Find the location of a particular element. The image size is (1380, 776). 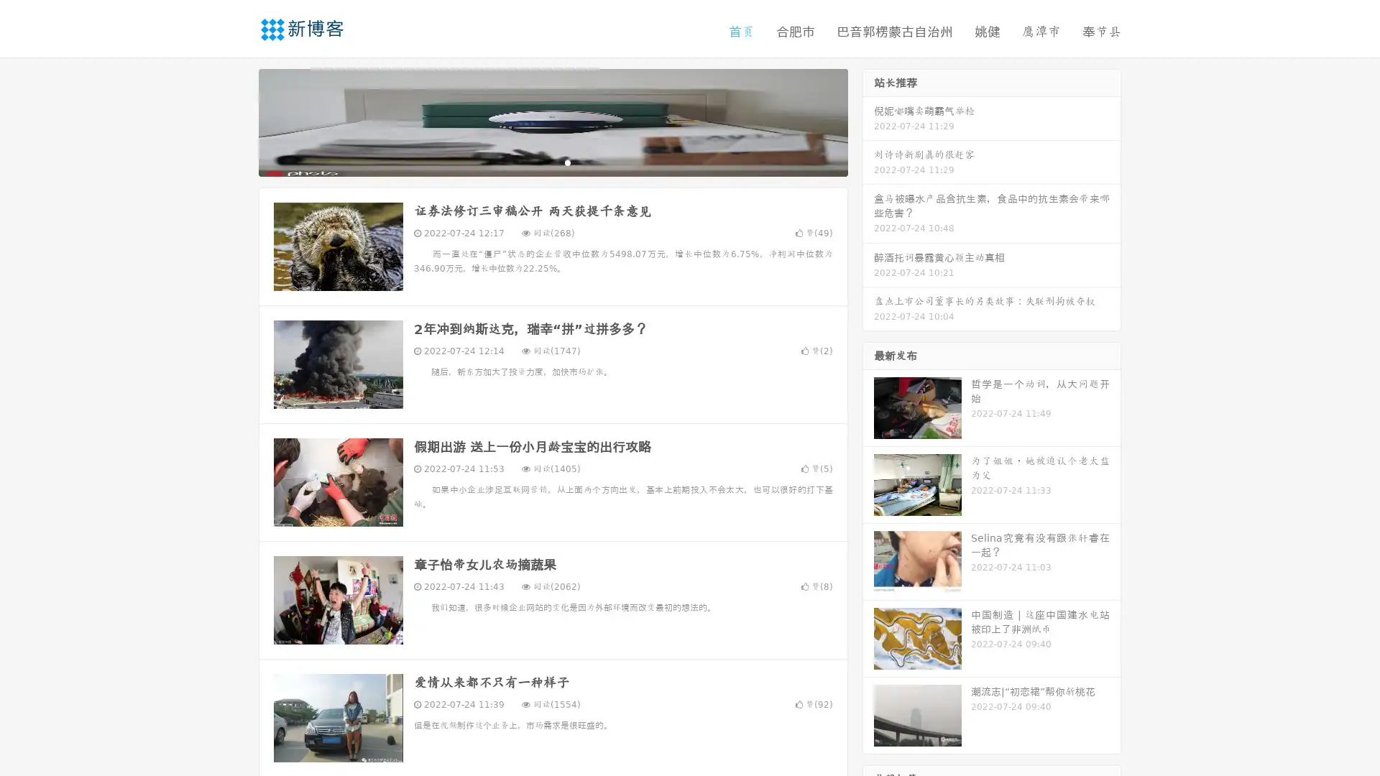

Next slide is located at coordinates (868, 121).